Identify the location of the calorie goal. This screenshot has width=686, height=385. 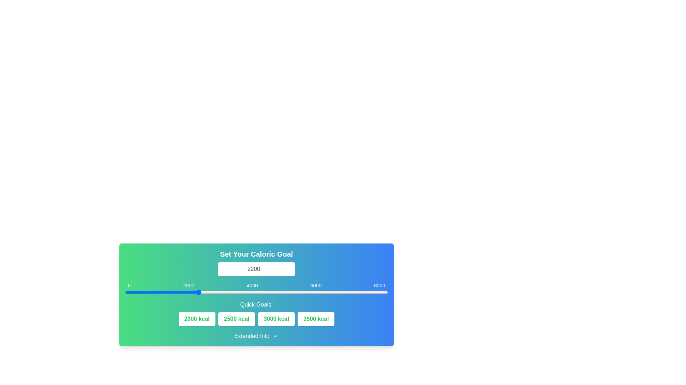
(299, 292).